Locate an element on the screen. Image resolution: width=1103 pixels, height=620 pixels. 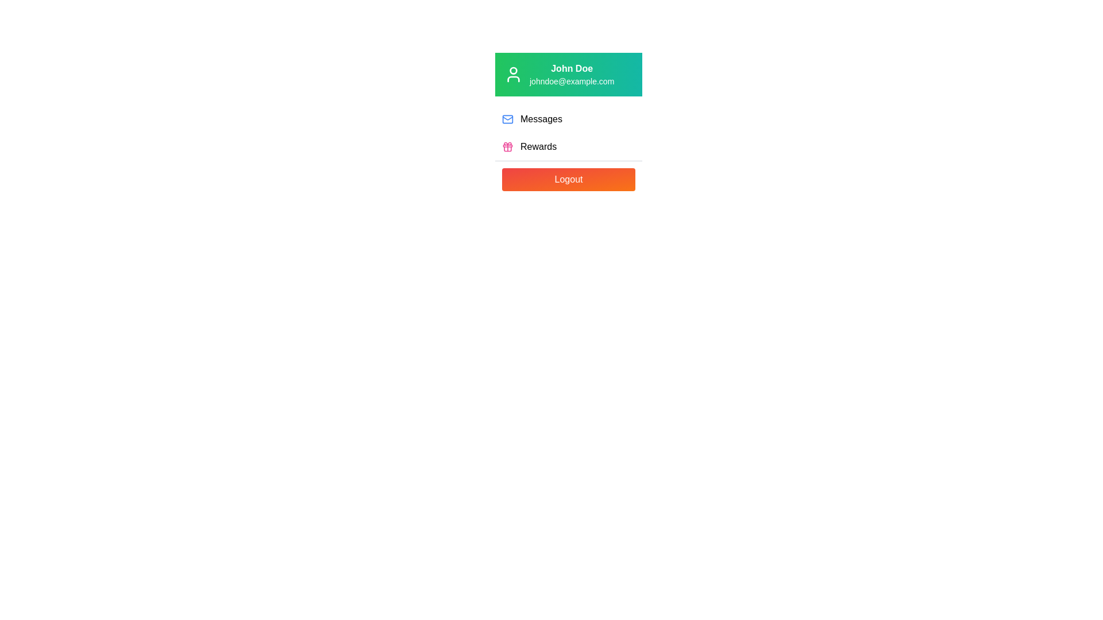
the circular graphical feature located at the top-left section of the user profile icon aligned with the text 'John Doe' is located at coordinates (512, 71).